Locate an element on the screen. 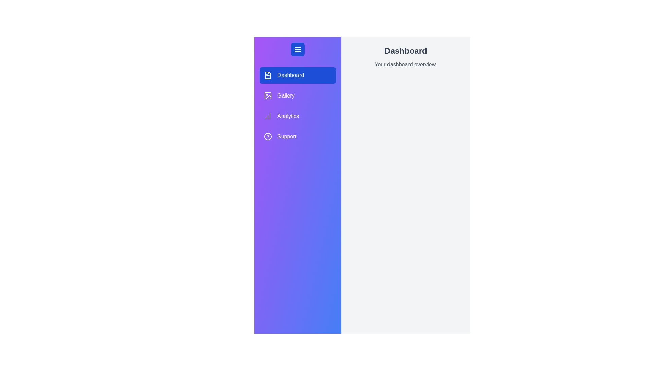 The image size is (652, 367). the toggle button to change the drawer's state is located at coordinates (298, 49).